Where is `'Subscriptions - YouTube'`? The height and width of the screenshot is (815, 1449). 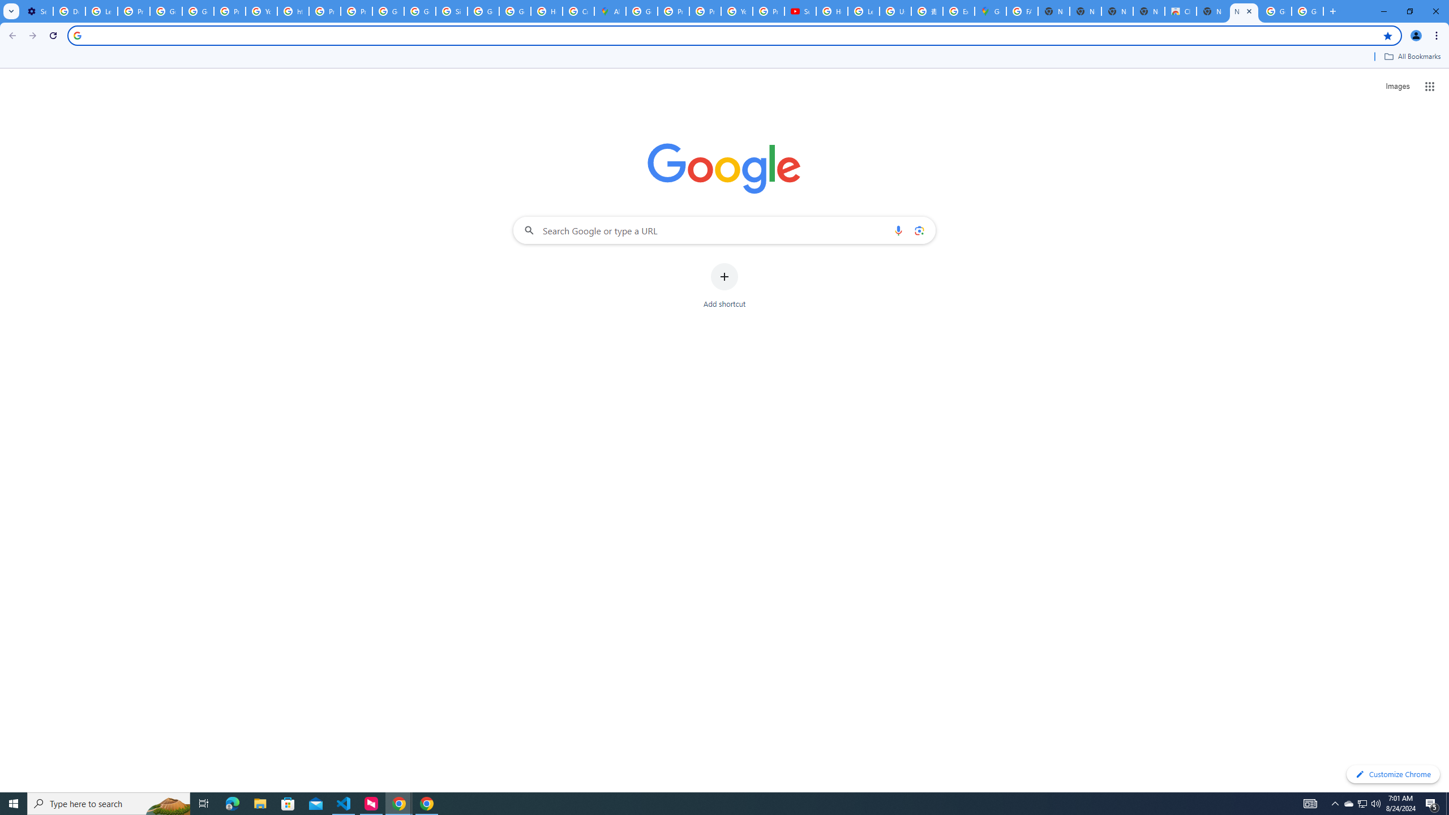 'Subscriptions - YouTube' is located at coordinates (800, 11).